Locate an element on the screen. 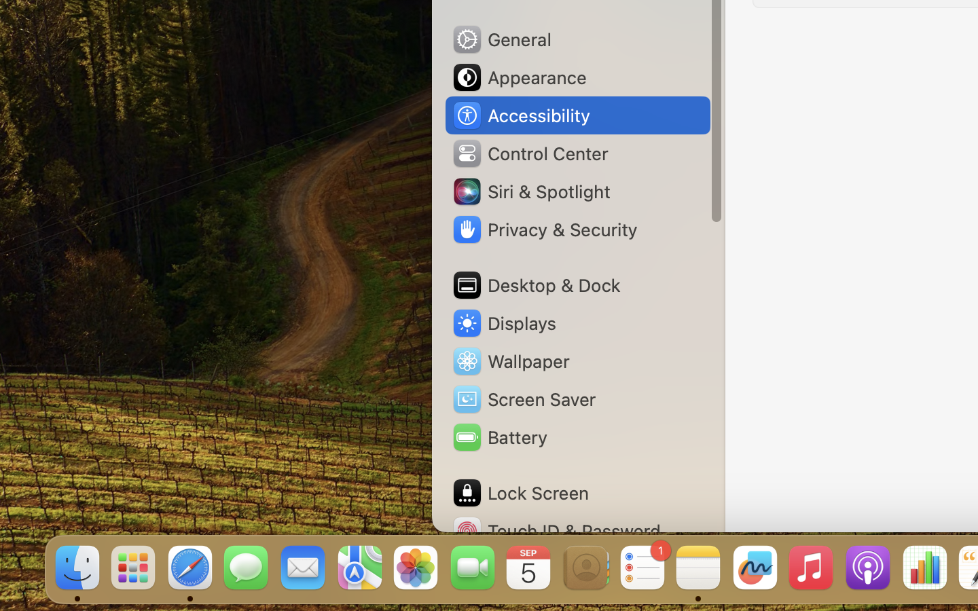 This screenshot has height=611, width=978. 'Screen Saver' is located at coordinates (522, 399).